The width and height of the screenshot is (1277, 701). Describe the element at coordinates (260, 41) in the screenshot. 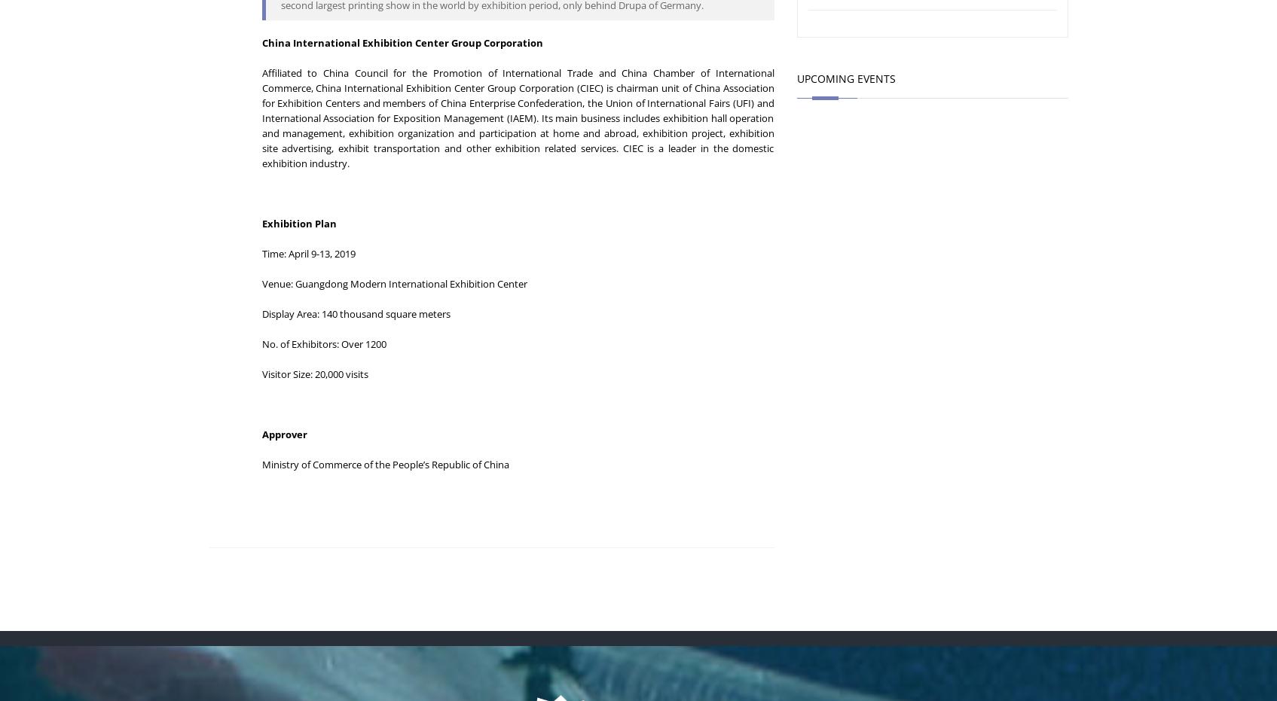

I see `'China International Exhibition Center Group Corporation'` at that location.